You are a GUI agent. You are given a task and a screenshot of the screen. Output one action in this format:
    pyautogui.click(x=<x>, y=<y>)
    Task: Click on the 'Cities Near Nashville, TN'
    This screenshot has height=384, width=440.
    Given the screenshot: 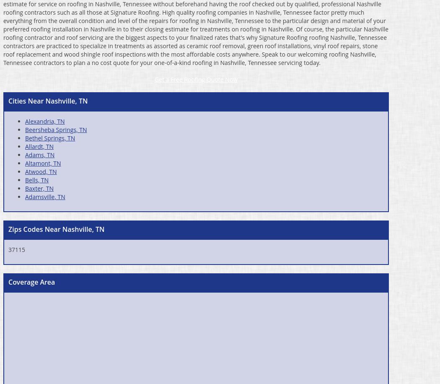 What is the action you would take?
    pyautogui.click(x=47, y=100)
    